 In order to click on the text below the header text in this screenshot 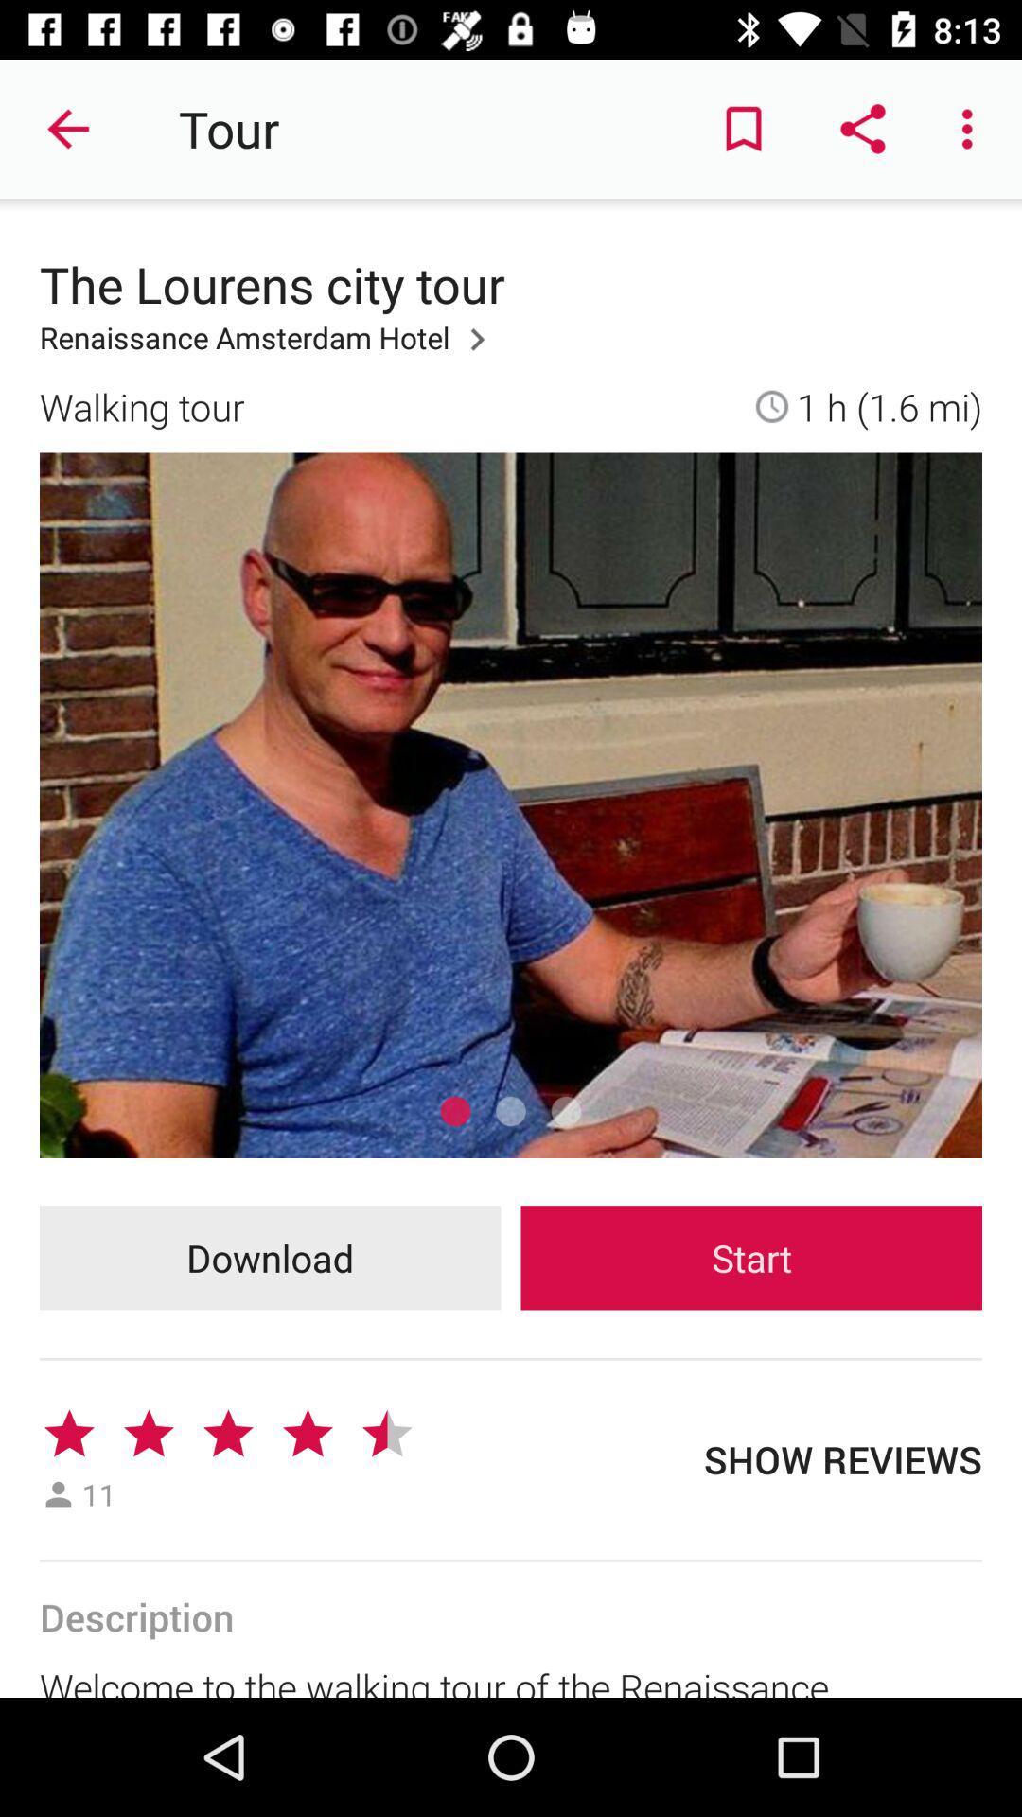, I will do `click(270, 349)`.